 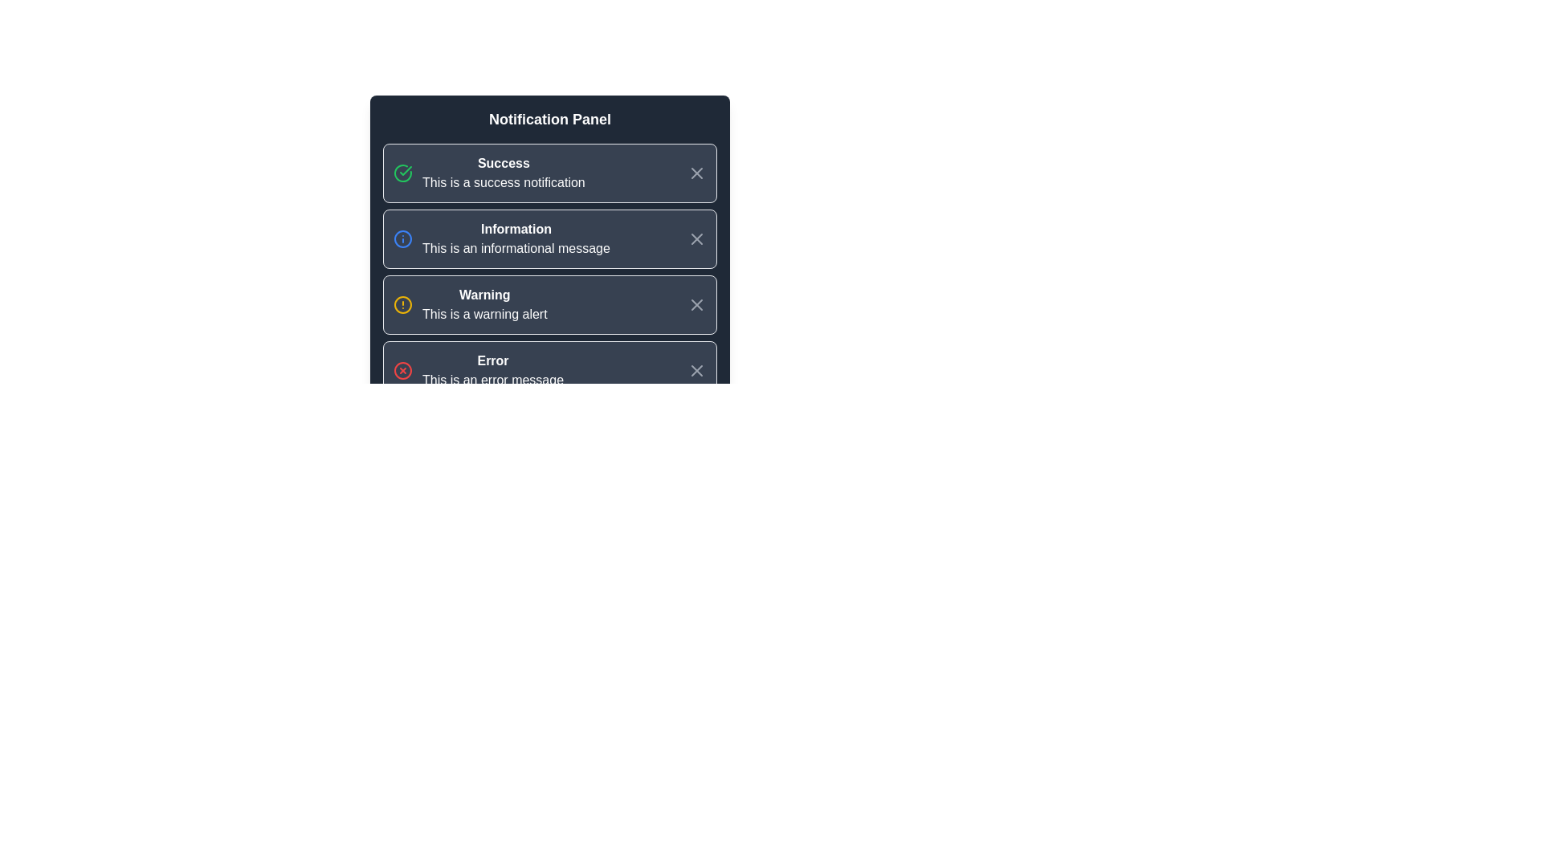 I want to click on the close (X) icon associated with the 'Information' notification, so click(x=697, y=238).